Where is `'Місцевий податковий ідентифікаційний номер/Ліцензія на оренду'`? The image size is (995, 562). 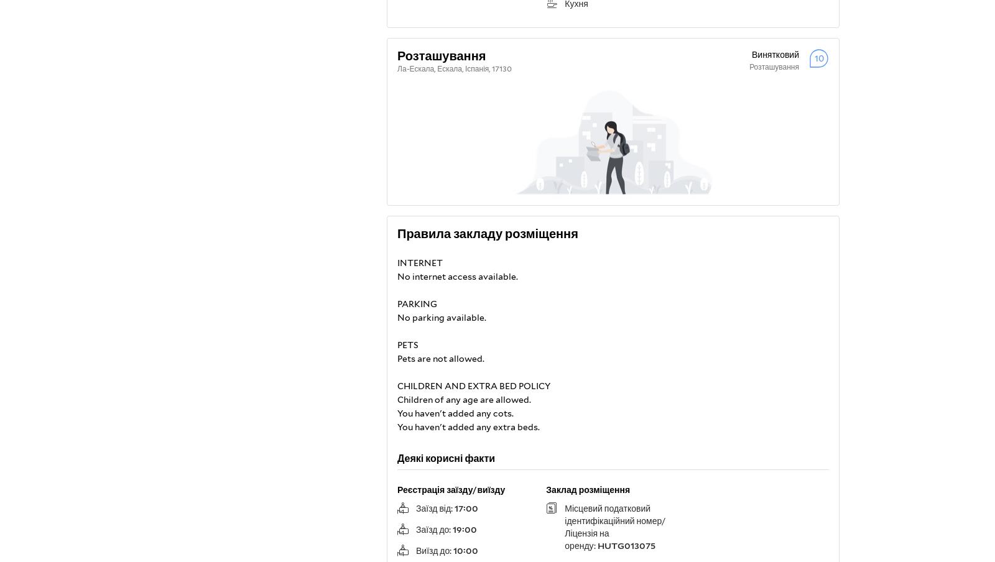 'Місцевий податковий ідентифікаційний номер/Ліцензія на оренду' is located at coordinates (614, 527).